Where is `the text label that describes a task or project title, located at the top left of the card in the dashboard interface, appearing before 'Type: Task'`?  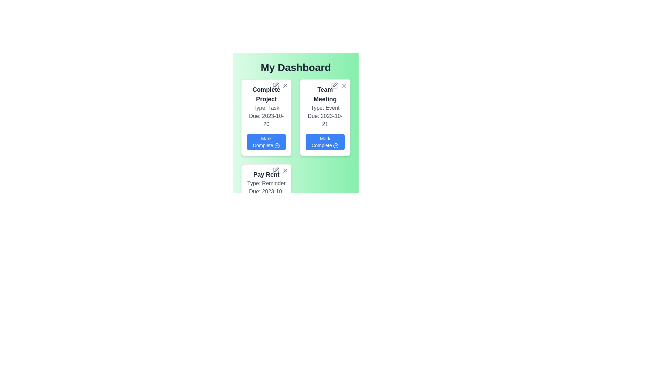 the text label that describes a task or project title, located at the top left of the card in the dashboard interface, appearing before 'Type: Task' is located at coordinates (266, 94).